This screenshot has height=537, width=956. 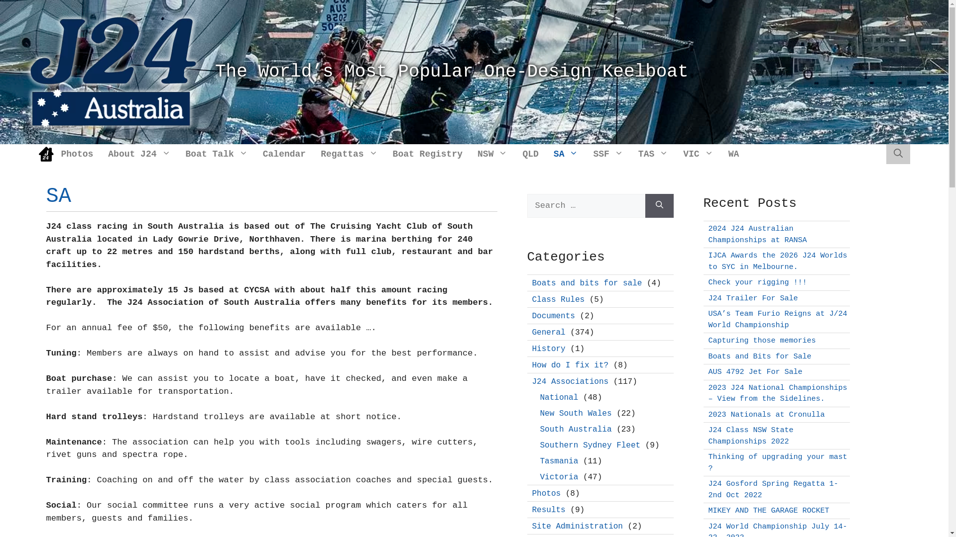 What do you see at coordinates (548, 348) in the screenshot?
I see `'History'` at bounding box center [548, 348].